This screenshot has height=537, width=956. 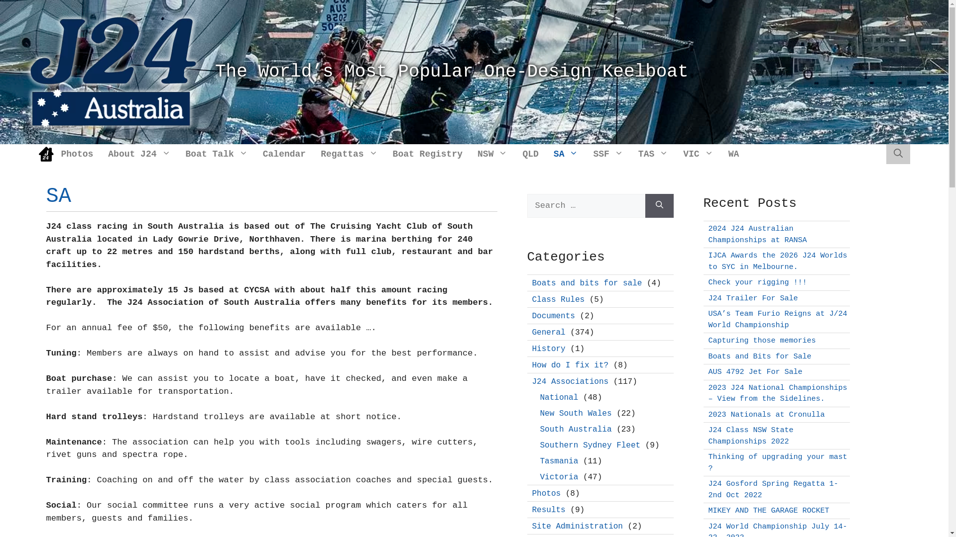 What do you see at coordinates (548, 348) in the screenshot?
I see `'History'` at bounding box center [548, 348].